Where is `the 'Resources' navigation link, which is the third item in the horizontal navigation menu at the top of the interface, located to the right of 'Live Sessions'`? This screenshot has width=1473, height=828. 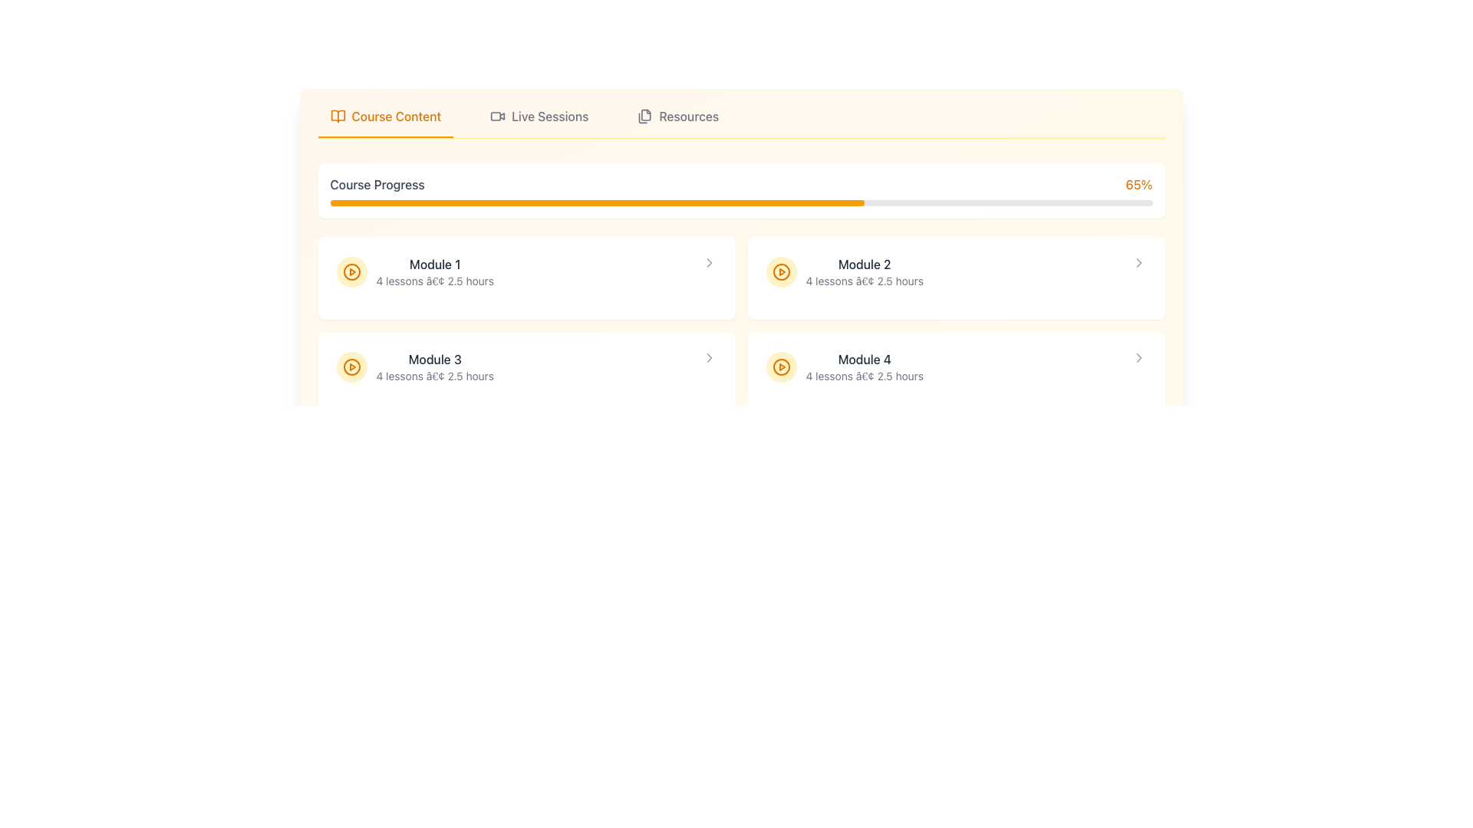 the 'Resources' navigation link, which is the third item in the horizontal navigation menu at the top of the interface, located to the right of 'Live Sessions' is located at coordinates (677, 121).